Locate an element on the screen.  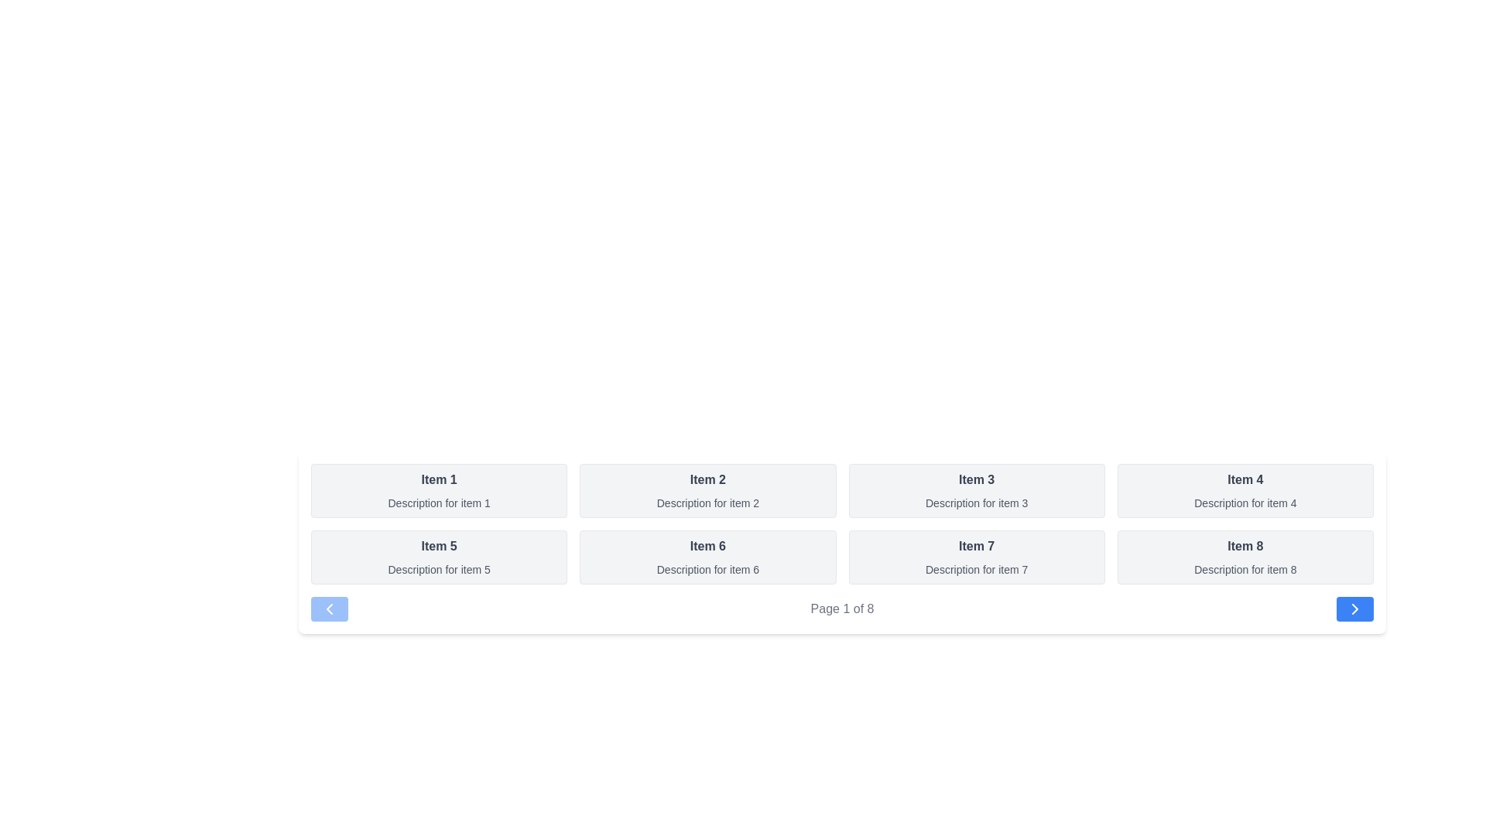
the text label providing additional information for 'Item 4', which is located beneath the heading 'Item 4' in the fourth position of a grid layout is located at coordinates (1245, 503).